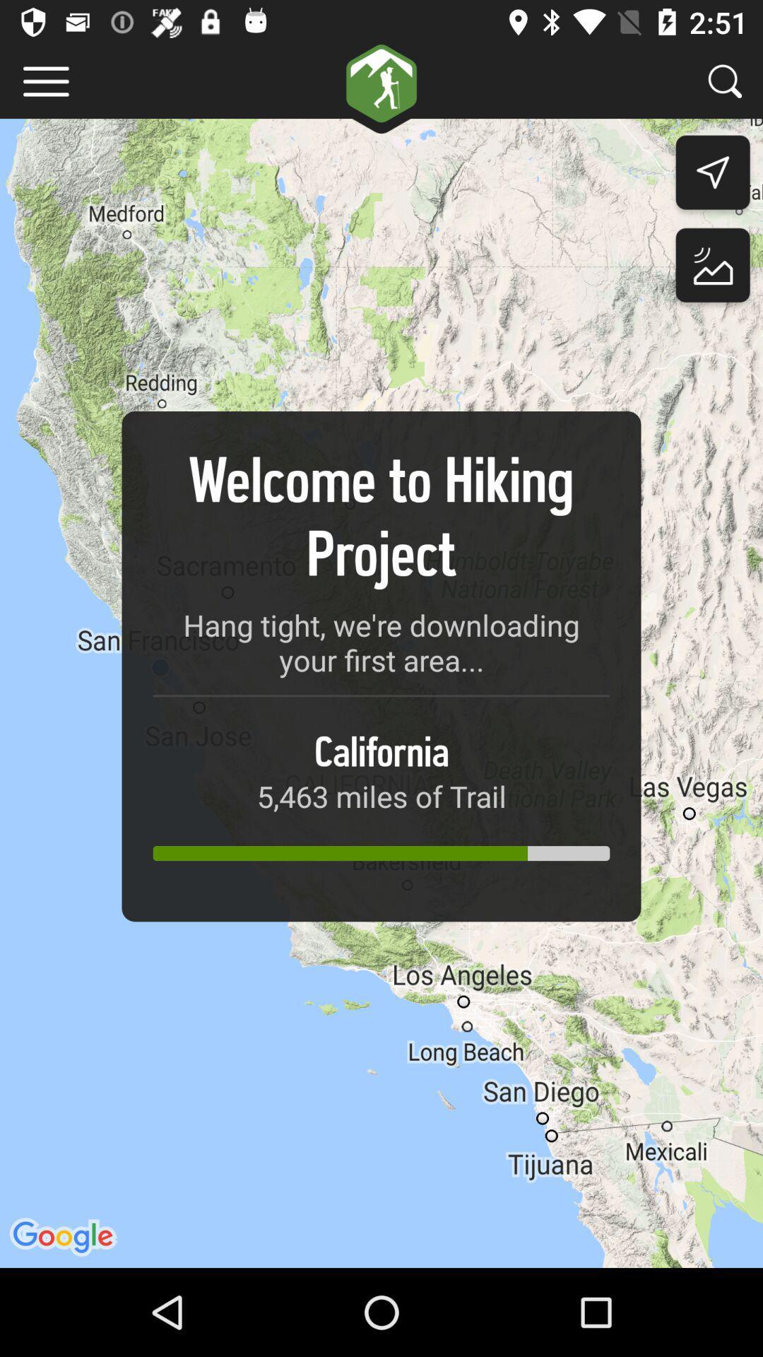  What do you see at coordinates (725, 81) in the screenshot?
I see `search for item` at bounding box center [725, 81].